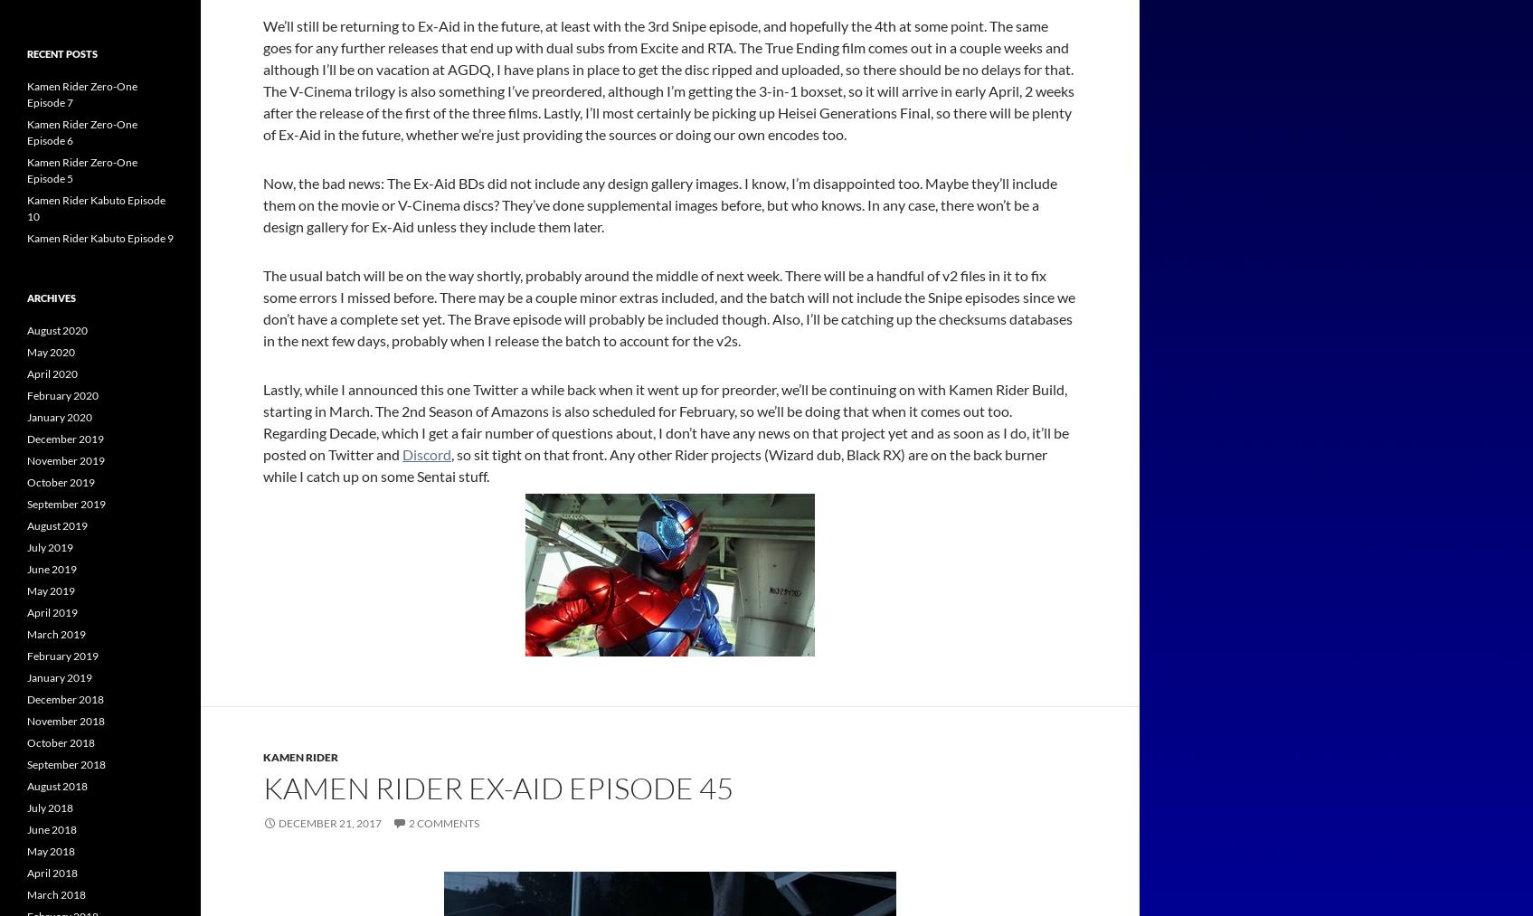 The height and width of the screenshot is (916, 1533). I want to click on 'January 2020', so click(59, 416).